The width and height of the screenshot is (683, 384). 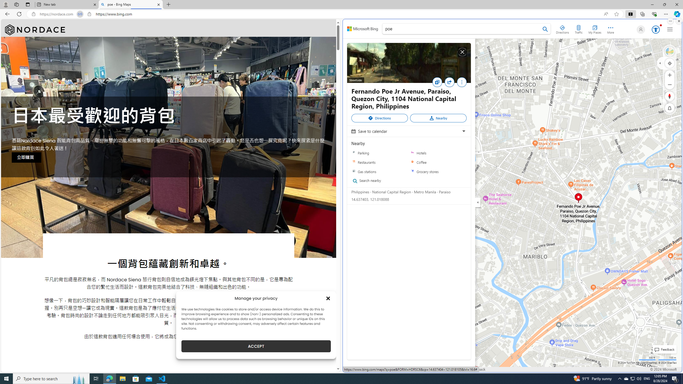 What do you see at coordinates (89, 14) in the screenshot?
I see `'View site information'` at bounding box center [89, 14].